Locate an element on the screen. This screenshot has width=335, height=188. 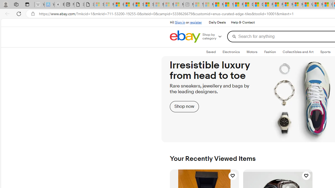
'eBay Home' is located at coordinates (185, 36).